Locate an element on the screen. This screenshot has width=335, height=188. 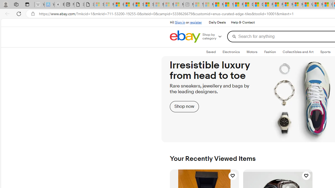
'eBay Home' is located at coordinates (185, 36).